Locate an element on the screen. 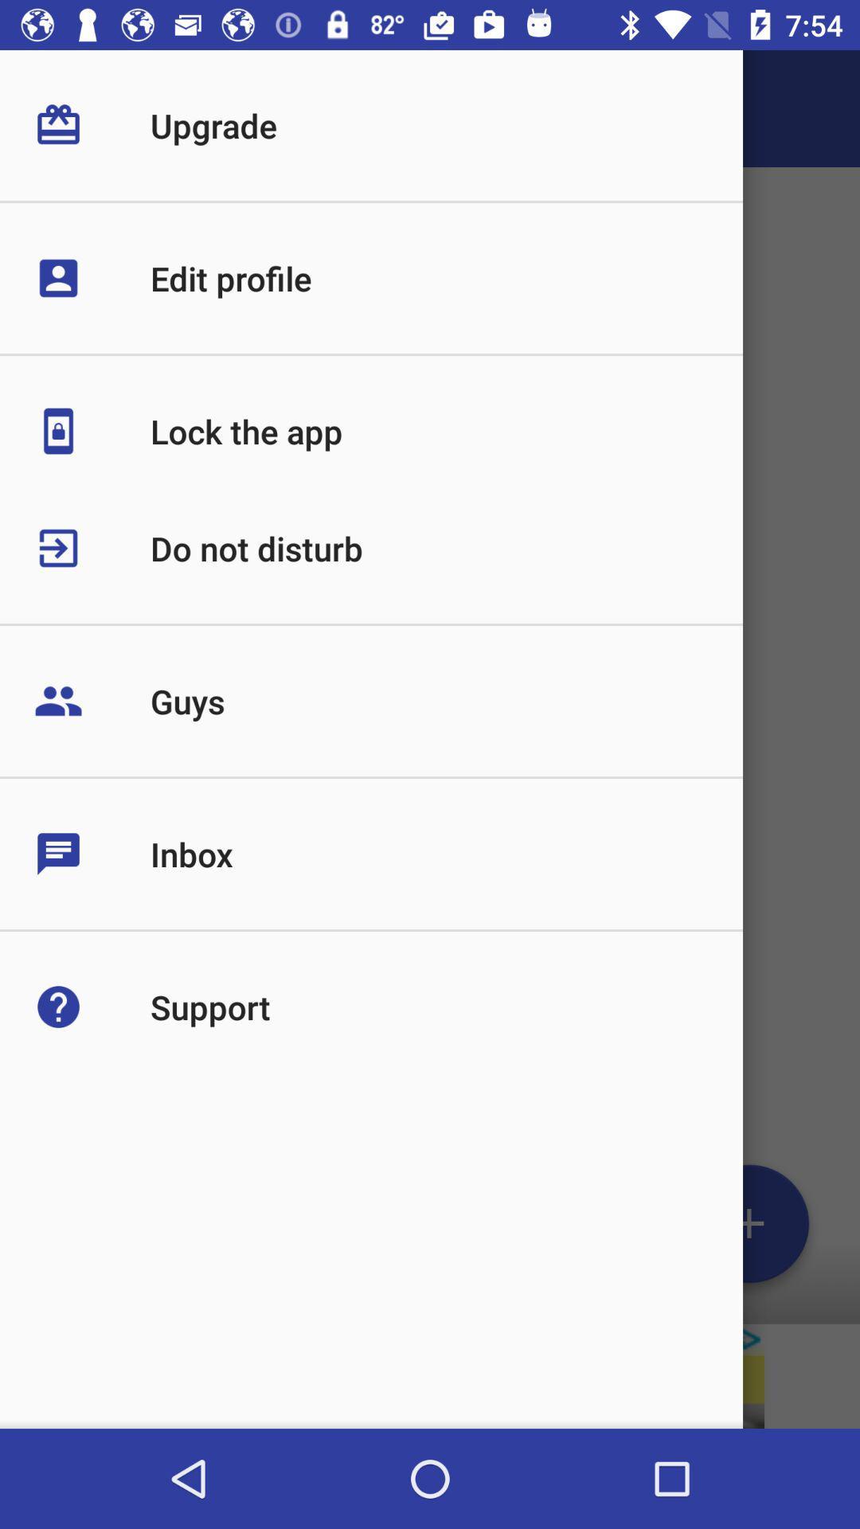 This screenshot has width=860, height=1529. the symbol which is to the left of guys is located at coordinates (92, 701).